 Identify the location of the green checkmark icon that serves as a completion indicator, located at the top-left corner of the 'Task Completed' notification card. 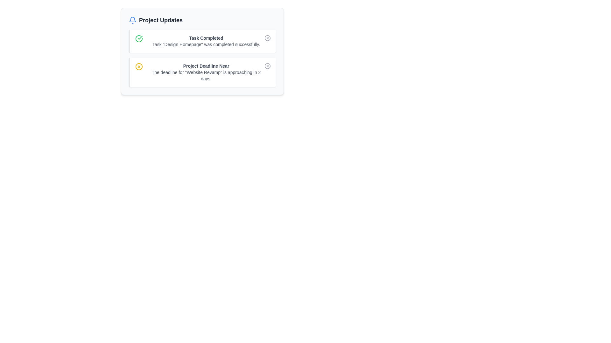
(141, 39).